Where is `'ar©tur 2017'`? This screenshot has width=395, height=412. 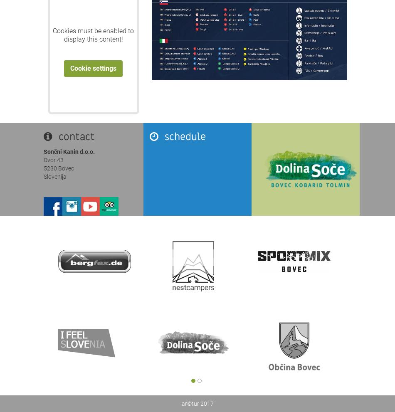 'ar©tur 2017' is located at coordinates (197, 403).